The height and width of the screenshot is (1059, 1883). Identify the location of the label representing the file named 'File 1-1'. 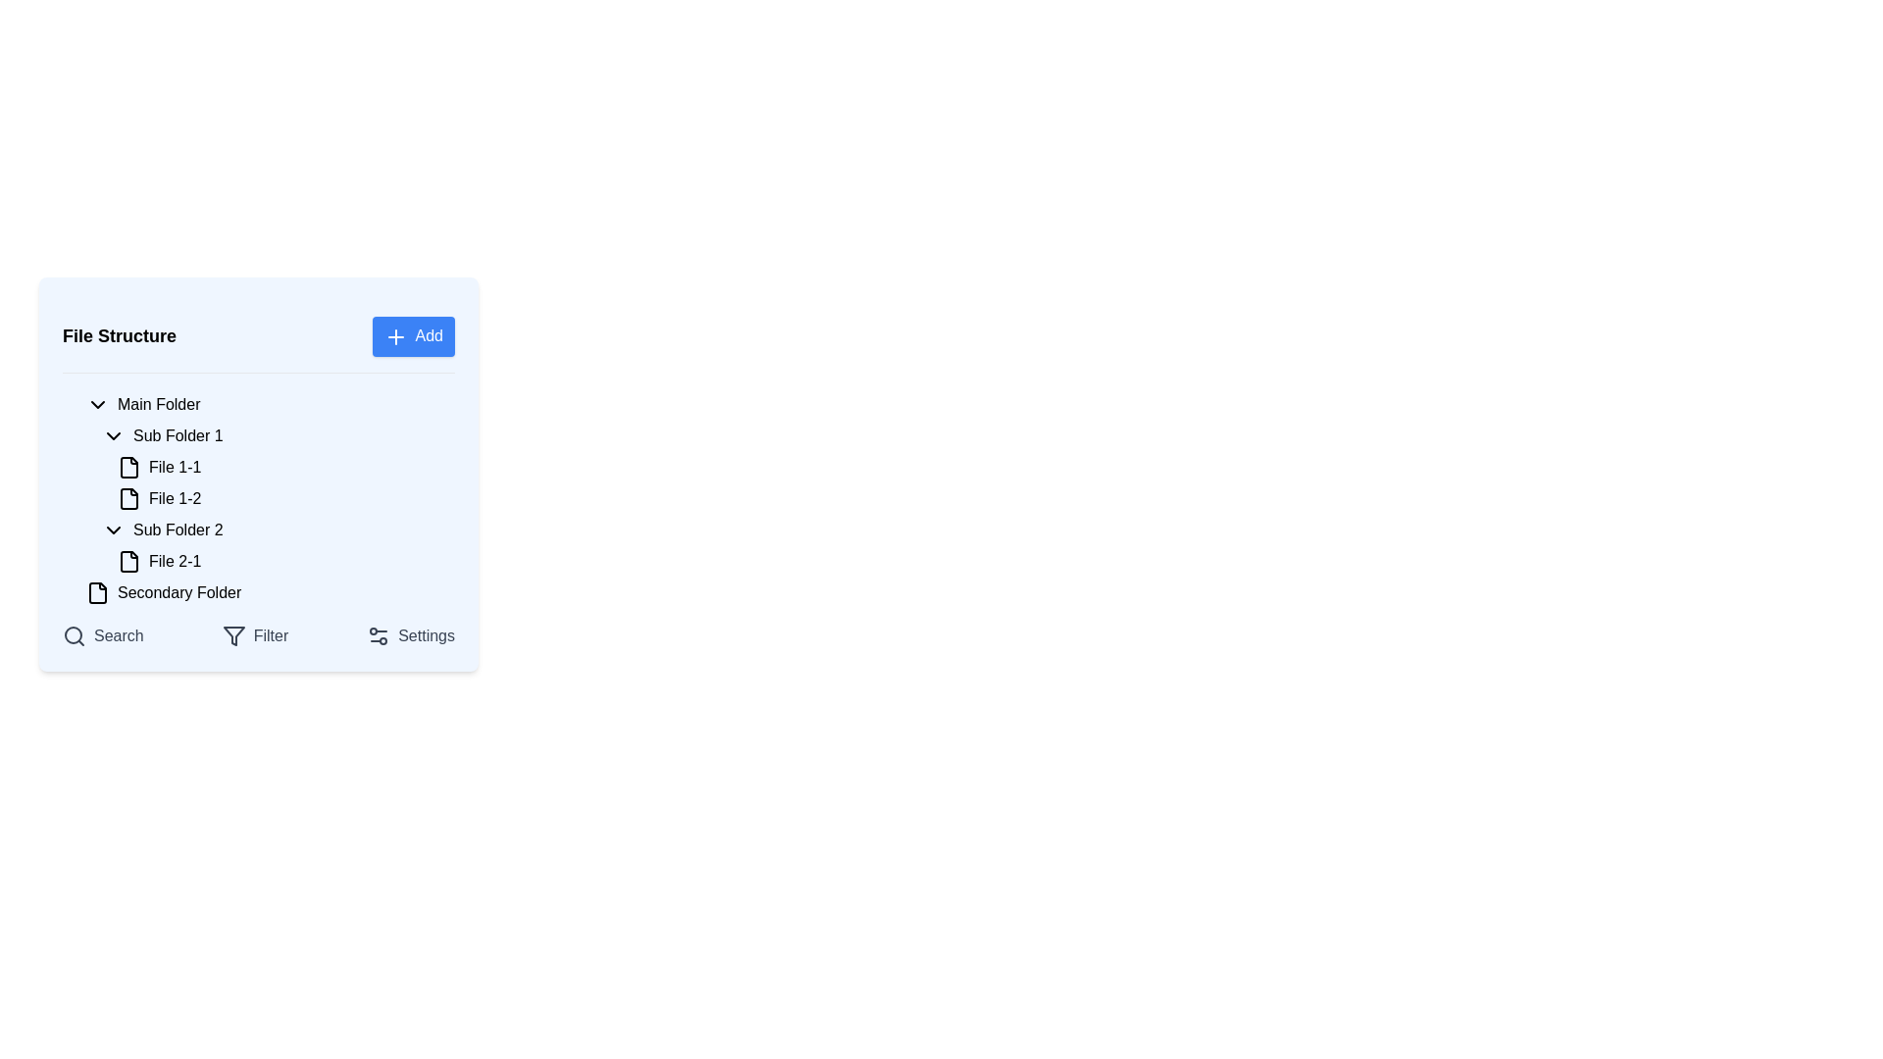
(175, 467).